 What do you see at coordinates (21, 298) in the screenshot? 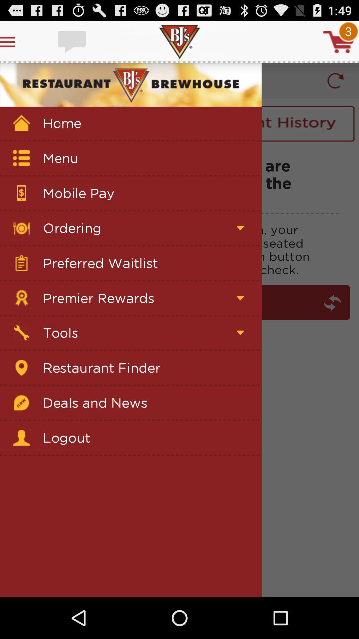
I see `rewards icon which is before premier ewards on the pae` at bounding box center [21, 298].